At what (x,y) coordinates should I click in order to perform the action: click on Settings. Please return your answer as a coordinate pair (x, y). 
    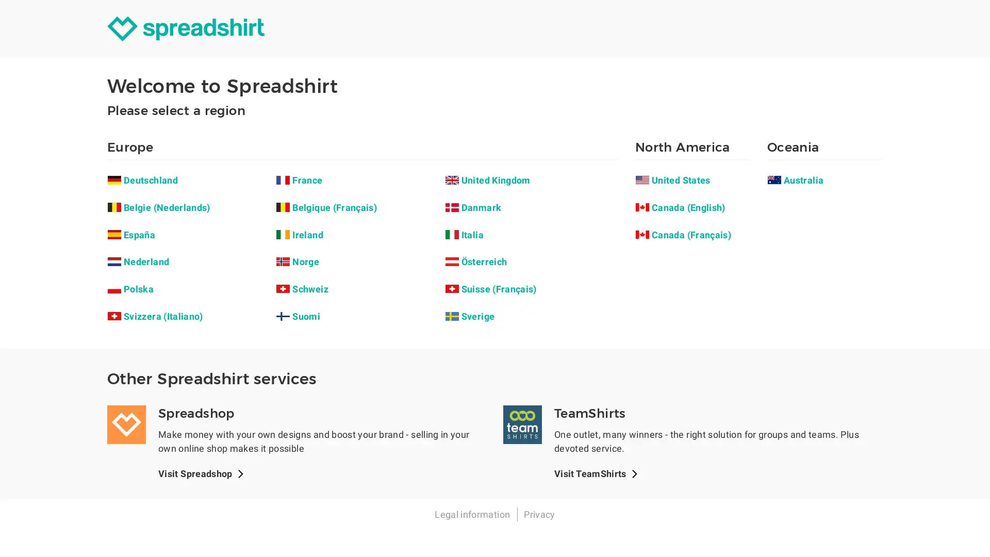
    Looking at the image, I should click on (455, 249).